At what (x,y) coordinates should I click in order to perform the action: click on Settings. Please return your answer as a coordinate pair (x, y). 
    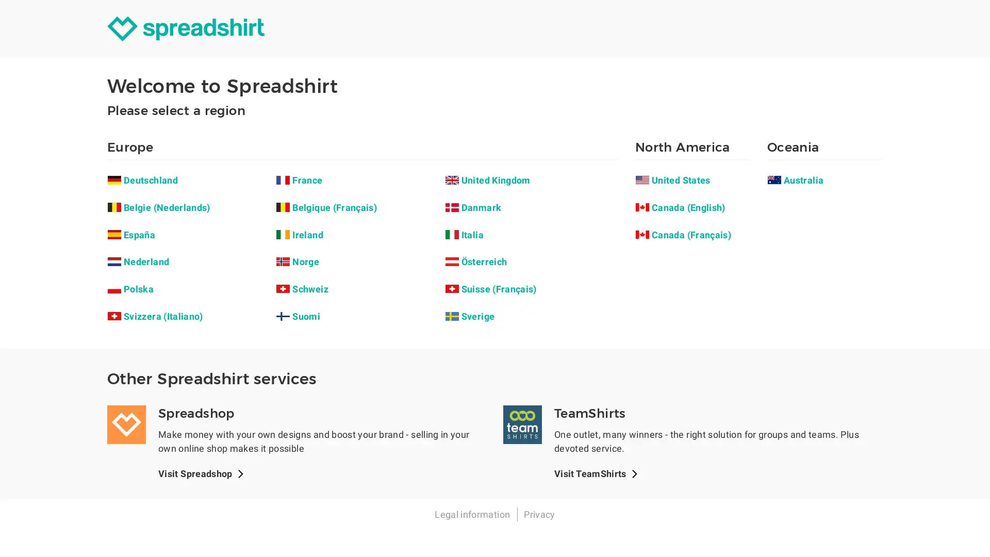
    Looking at the image, I should click on (455, 249).